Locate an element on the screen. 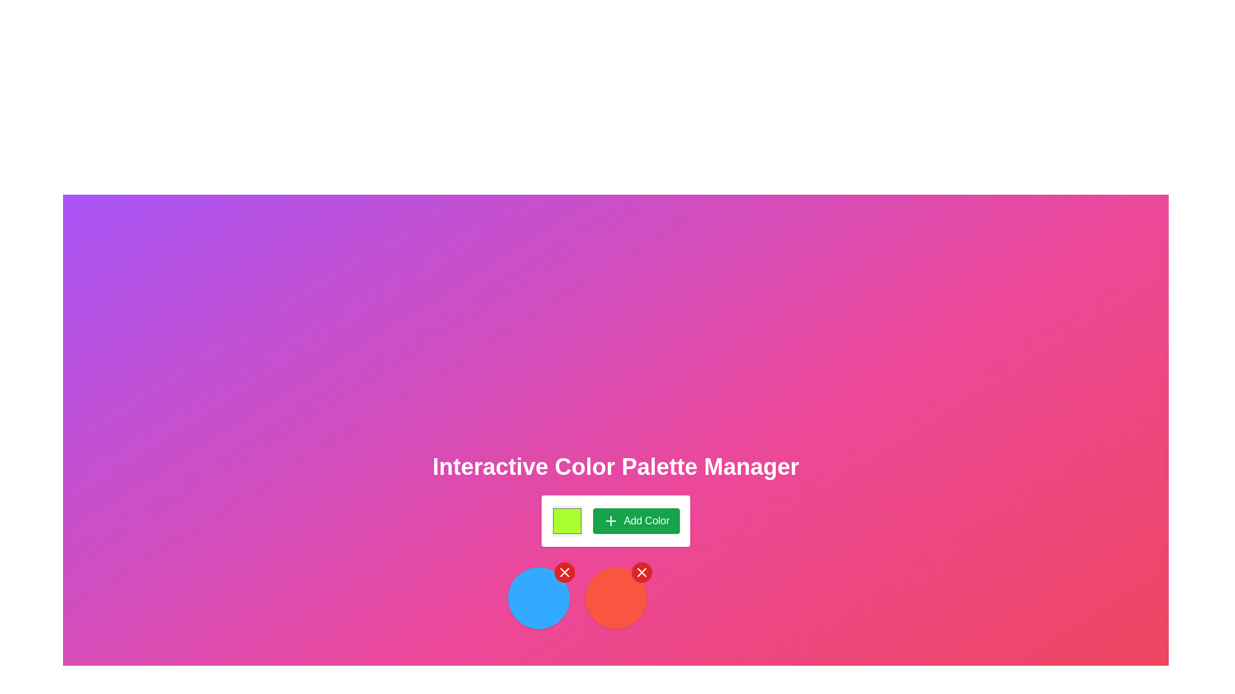 This screenshot has width=1235, height=694. color attribute of the bright red circular UI element with a white 'X' symbol, positioned on a pink gradient background is located at coordinates (615, 598).